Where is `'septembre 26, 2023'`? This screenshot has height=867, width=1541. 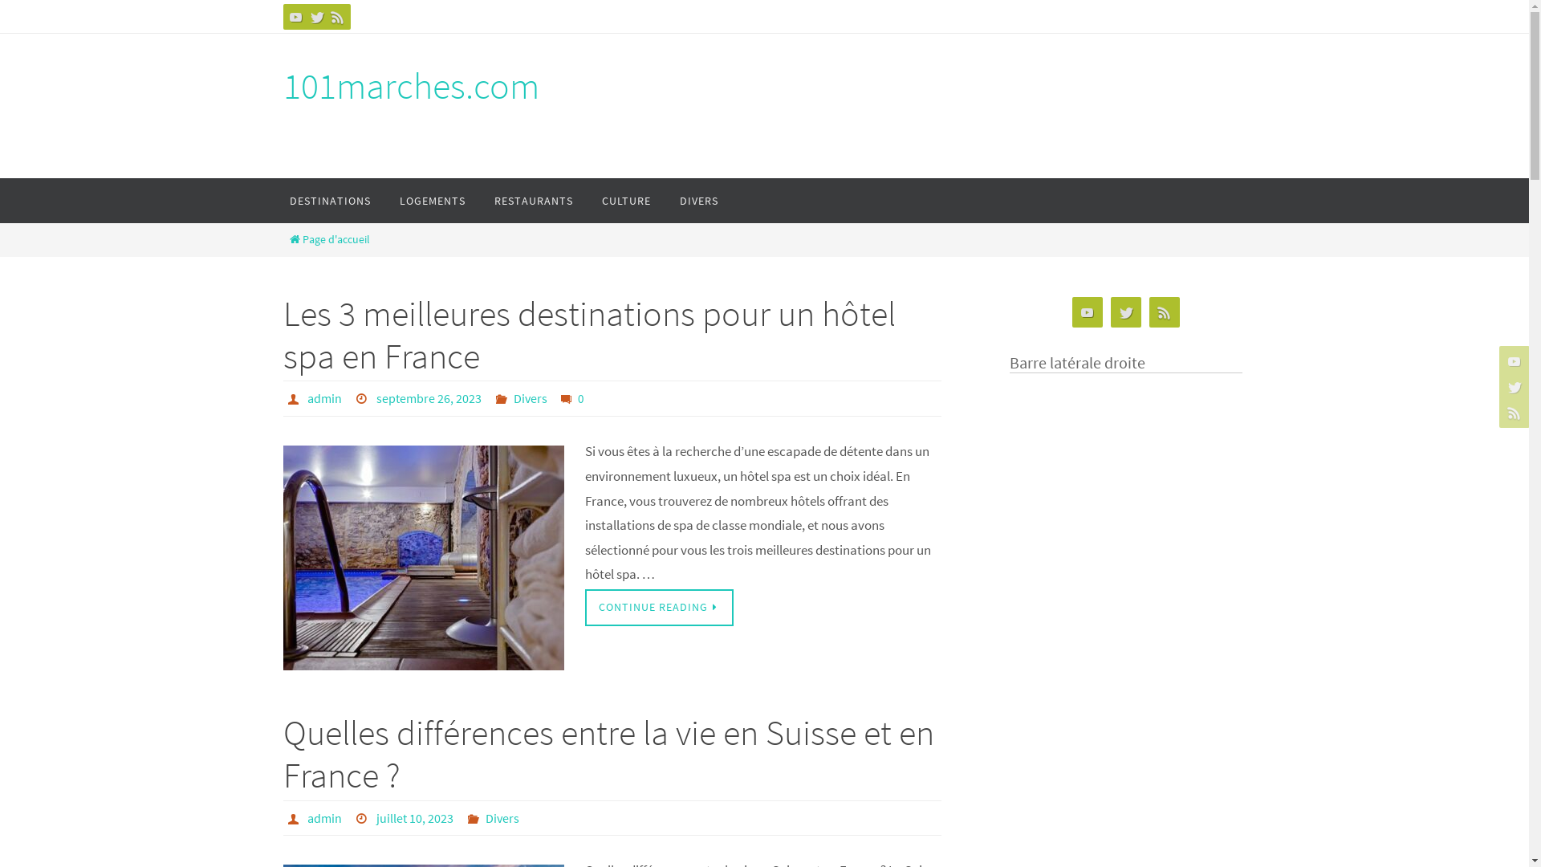
'septembre 26, 2023' is located at coordinates (376, 397).